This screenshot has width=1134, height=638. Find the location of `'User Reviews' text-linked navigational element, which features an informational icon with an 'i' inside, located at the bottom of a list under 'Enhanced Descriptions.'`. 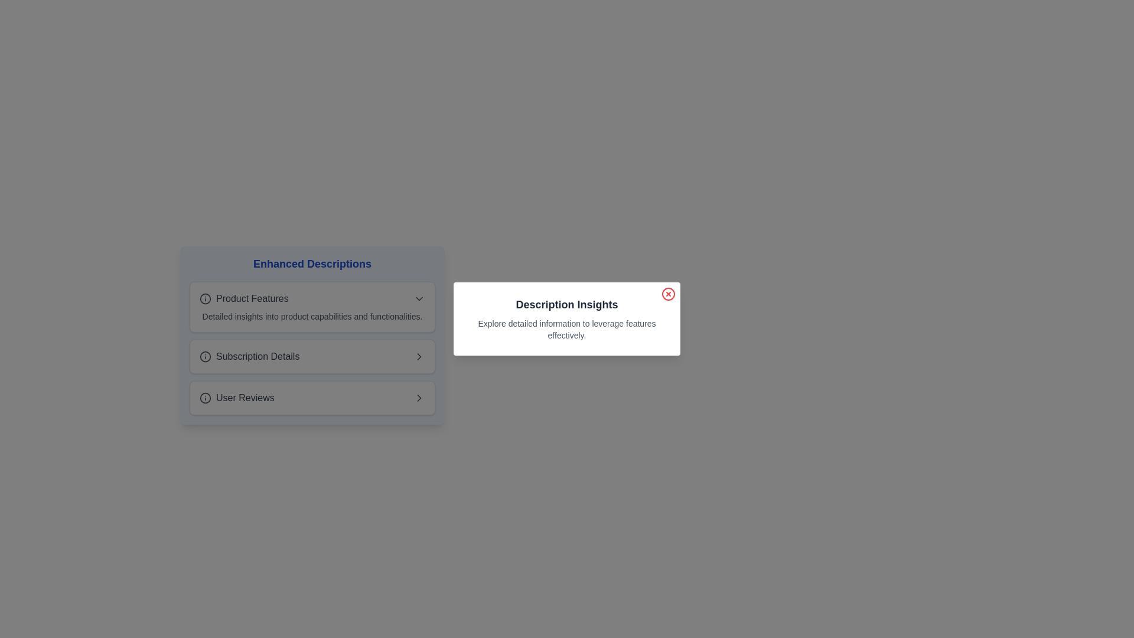

'User Reviews' text-linked navigational element, which features an informational icon with an 'i' inside, located at the bottom of a list under 'Enhanced Descriptions.' is located at coordinates (236, 398).